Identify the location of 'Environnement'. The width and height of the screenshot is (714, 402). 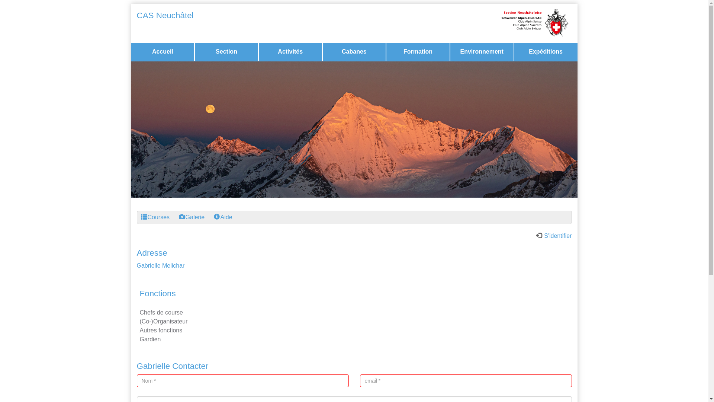
(482, 51).